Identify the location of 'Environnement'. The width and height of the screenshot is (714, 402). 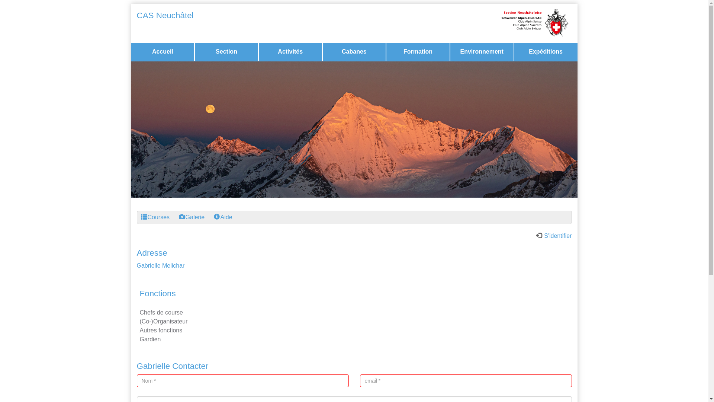
(482, 51).